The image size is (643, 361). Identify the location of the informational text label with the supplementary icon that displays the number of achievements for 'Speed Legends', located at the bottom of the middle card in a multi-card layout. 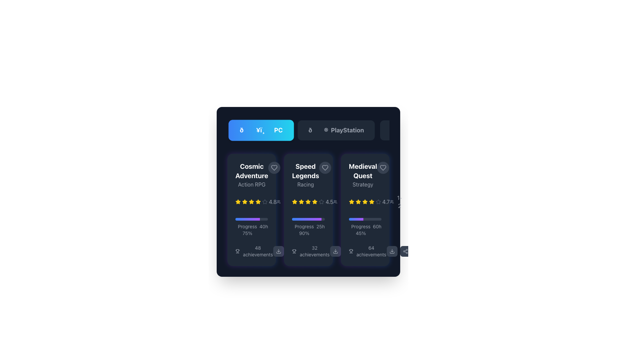
(308, 251).